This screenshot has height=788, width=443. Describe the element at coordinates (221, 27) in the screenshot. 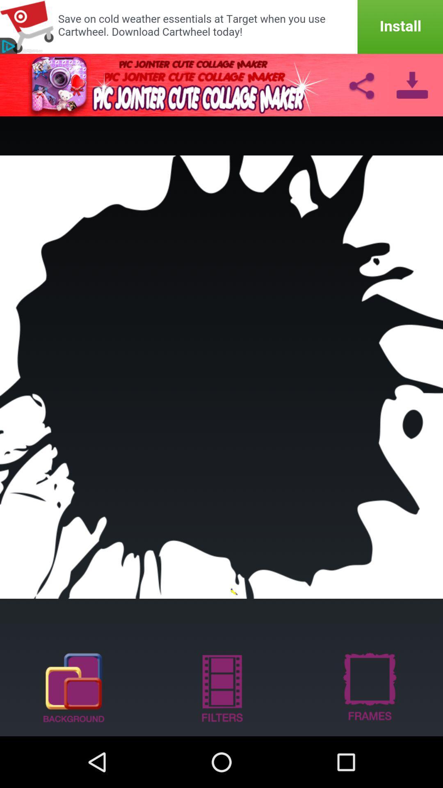

I see `advertisement` at that location.